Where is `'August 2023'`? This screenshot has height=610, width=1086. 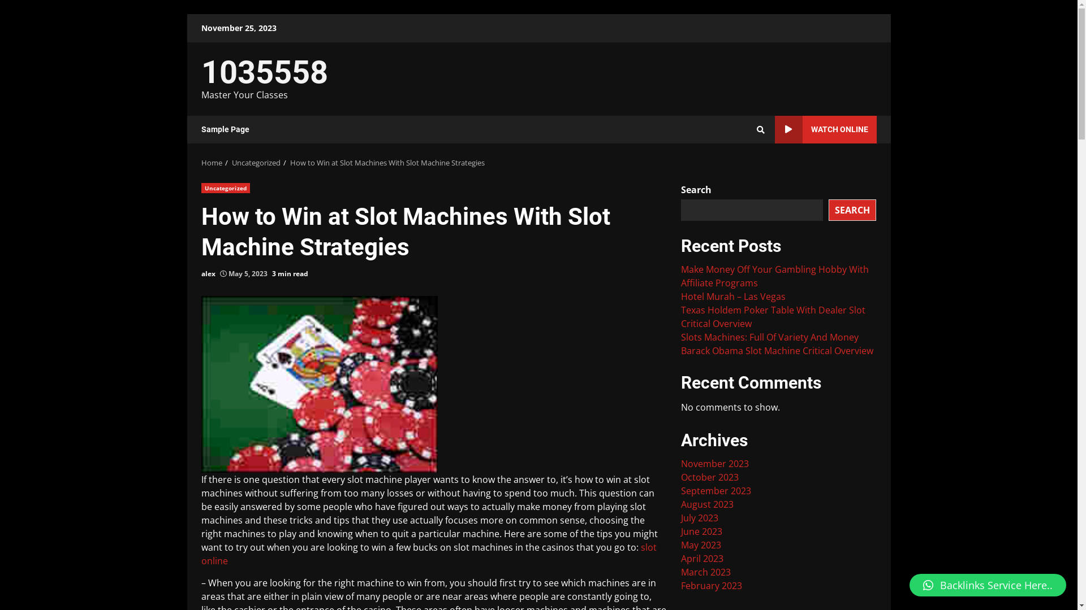
'August 2023' is located at coordinates (706, 504).